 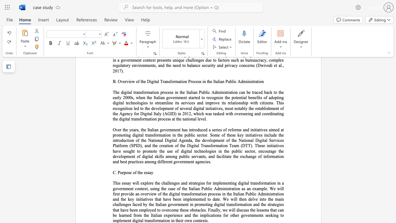 What do you see at coordinates (243, 210) in the screenshot?
I see `the space between the continuous character "c" and "u" in the text` at bounding box center [243, 210].